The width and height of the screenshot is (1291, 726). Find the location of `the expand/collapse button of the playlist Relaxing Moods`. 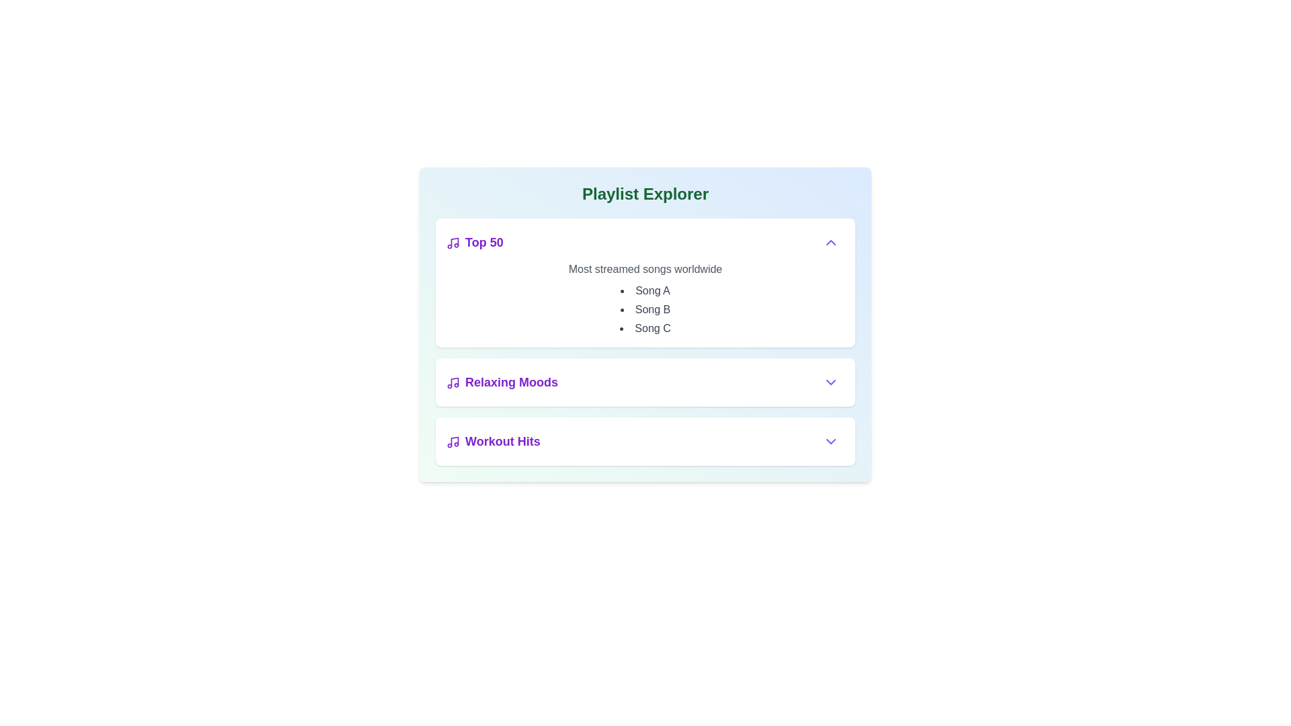

the expand/collapse button of the playlist Relaxing Moods is located at coordinates (830, 382).